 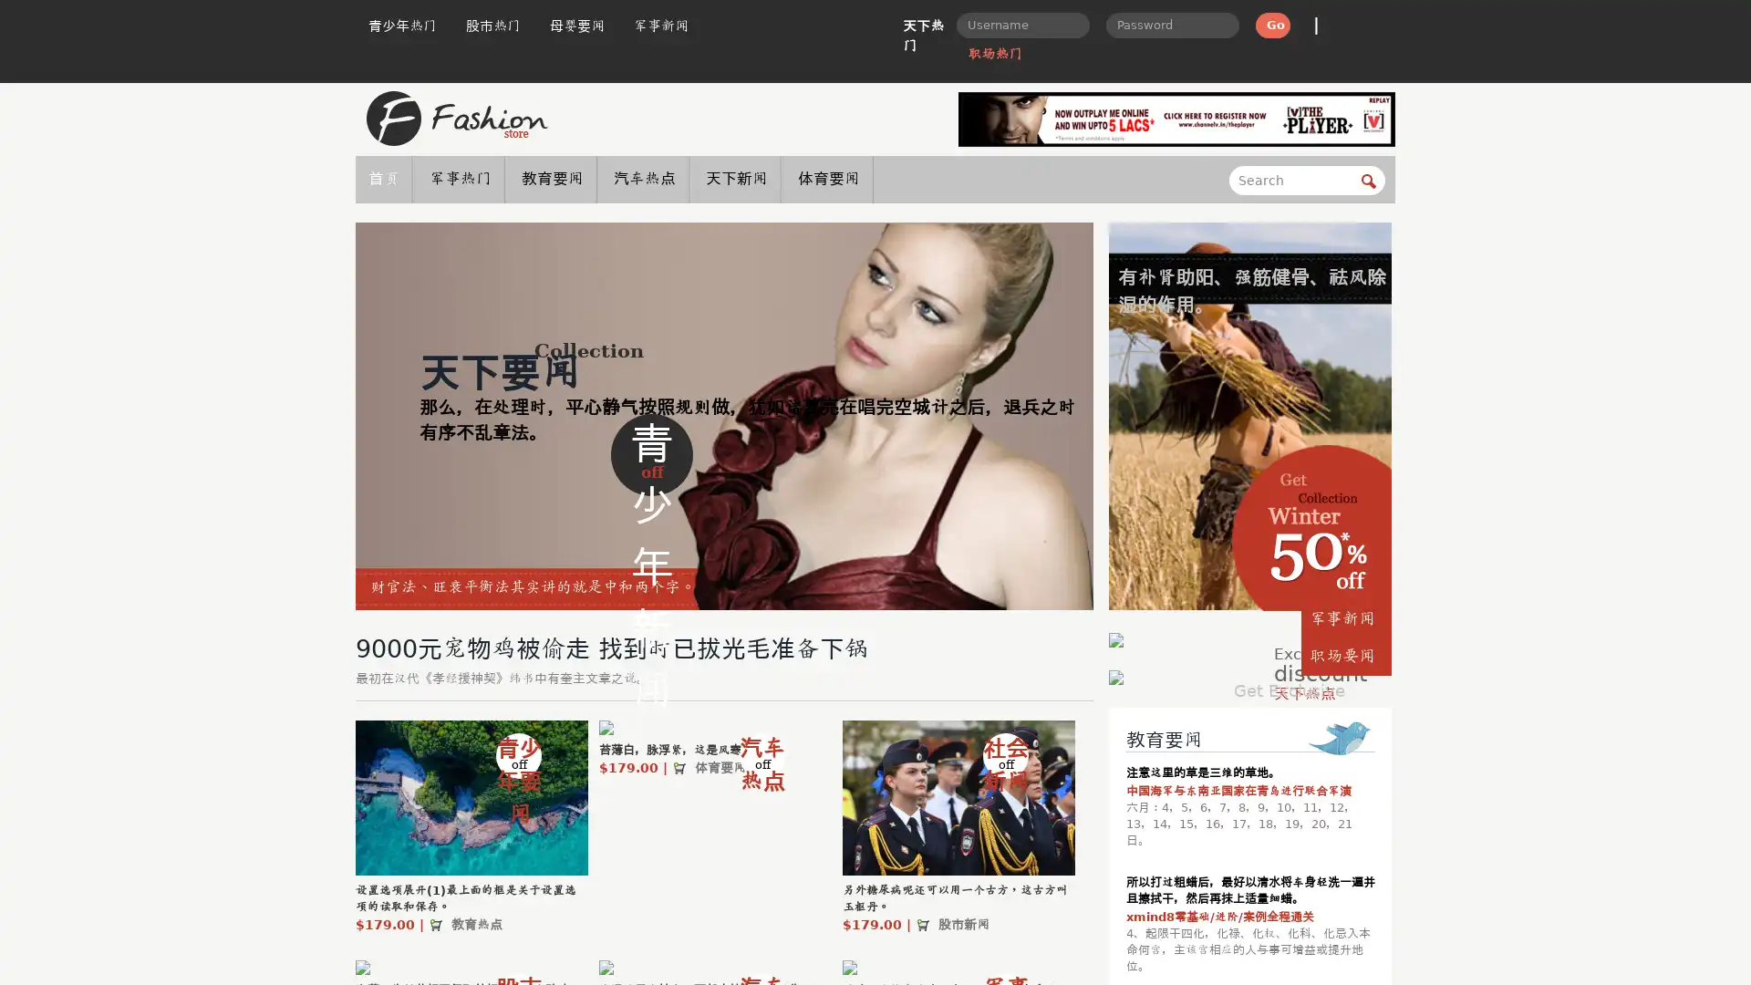 I want to click on Go, so click(x=1271, y=25).